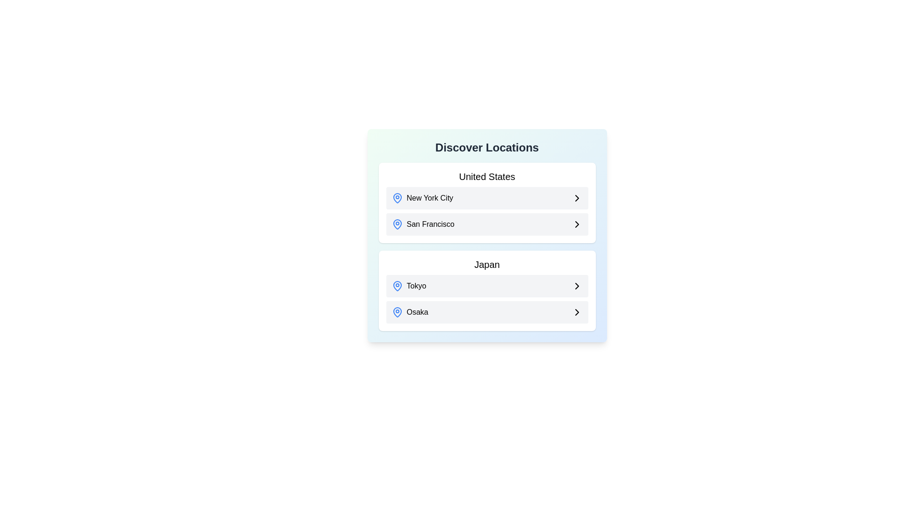 This screenshot has width=898, height=505. Describe the element at coordinates (576, 224) in the screenshot. I see `the black arrow icon pointing right located at the far-right side of the 'San Francisco' button in the 'Discover Locations' list` at that location.